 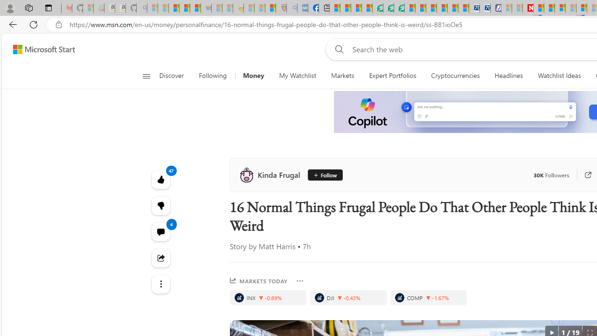 I want to click on 'Local - MSN', so click(x=270, y=8).